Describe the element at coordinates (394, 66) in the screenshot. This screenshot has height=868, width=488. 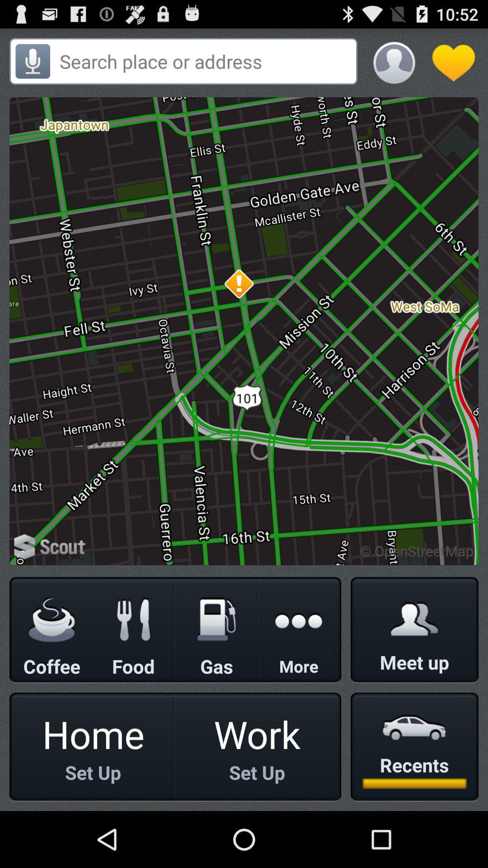
I see `the avatar icon` at that location.